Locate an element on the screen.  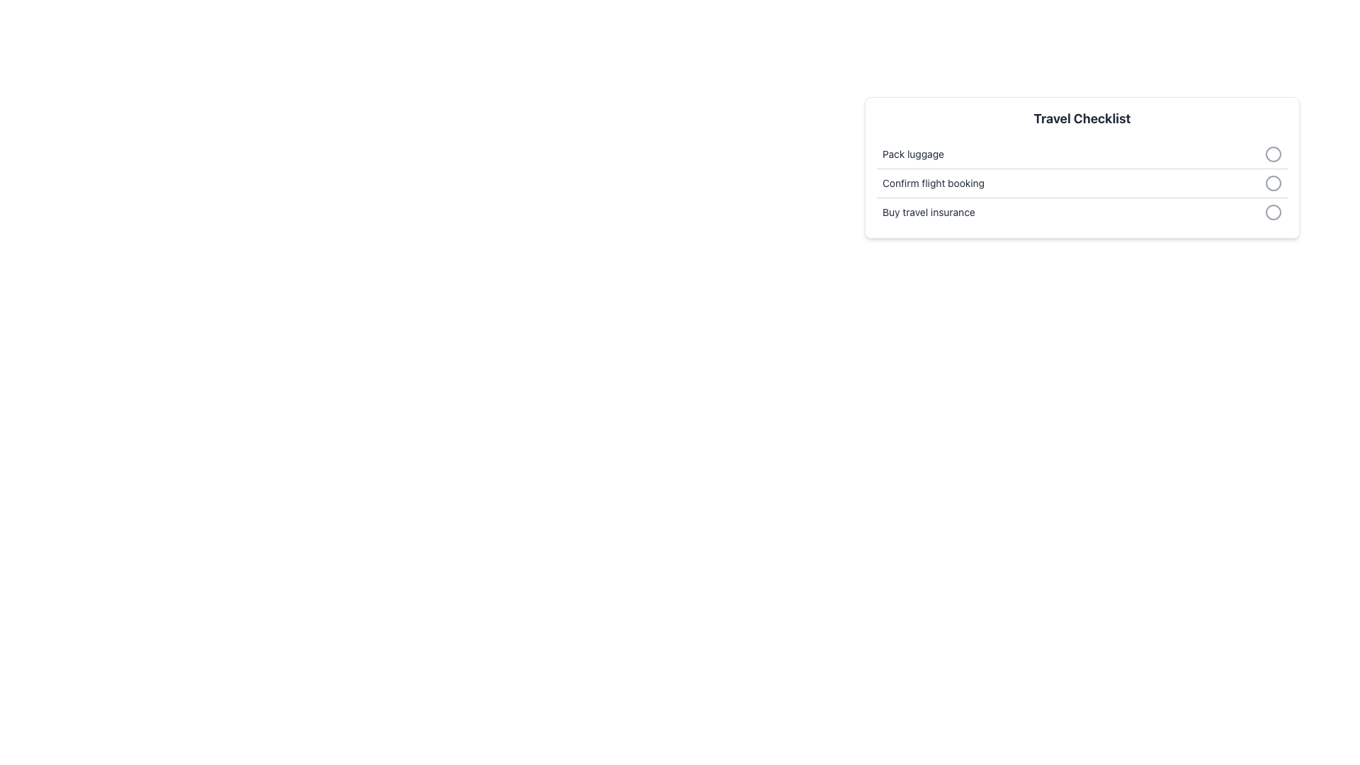
the toggle associated with the 'Confirm flight booking' checklist item in the 'Travel Checklist' is located at coordinates (1081, 183).